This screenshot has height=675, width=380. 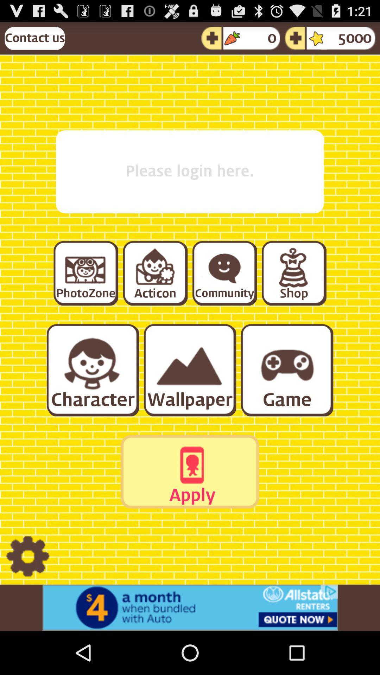 What do you see at coordinates (189, 369) in the screenshot?
I see `click on wallpaper` at bounding box center [189, 369].